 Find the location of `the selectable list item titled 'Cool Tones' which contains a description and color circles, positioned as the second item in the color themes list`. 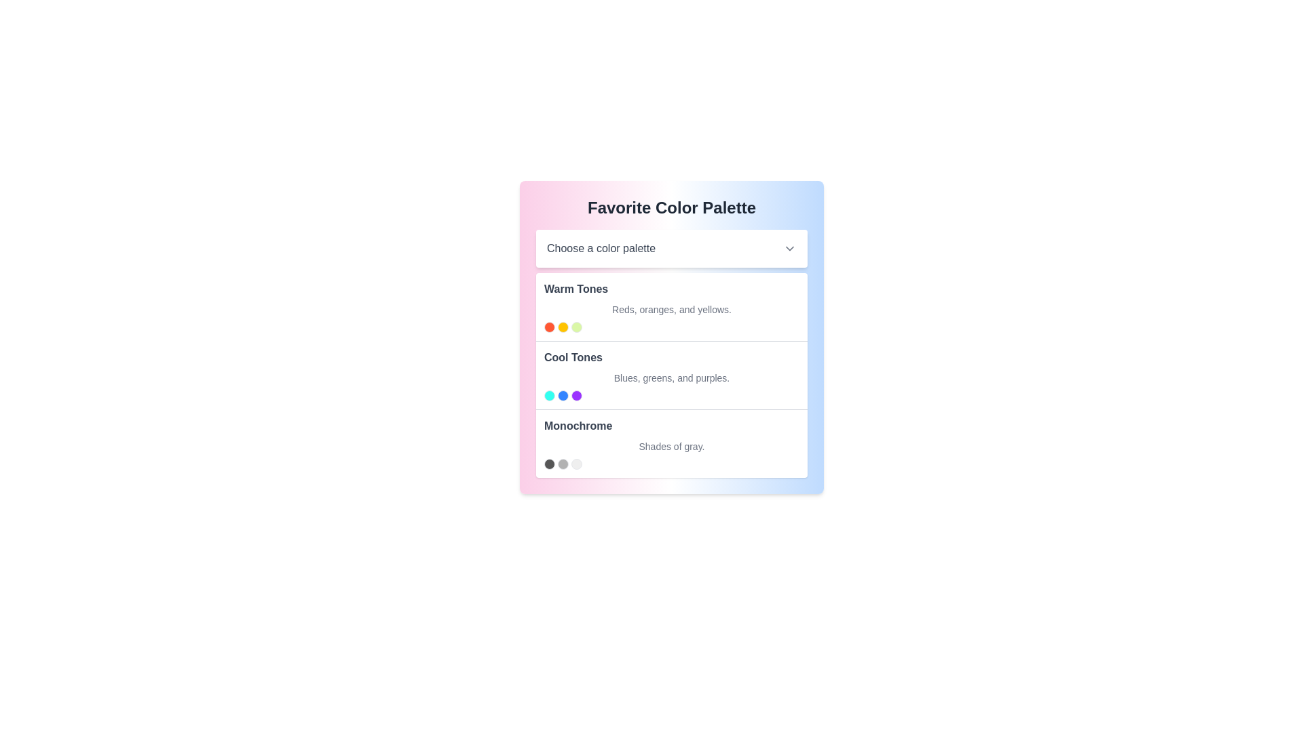

the selectable list item titled 'Cool Tones' which contains a description and color circles, positioned as the second item in the color themes list is located at coordinates (671, 375).